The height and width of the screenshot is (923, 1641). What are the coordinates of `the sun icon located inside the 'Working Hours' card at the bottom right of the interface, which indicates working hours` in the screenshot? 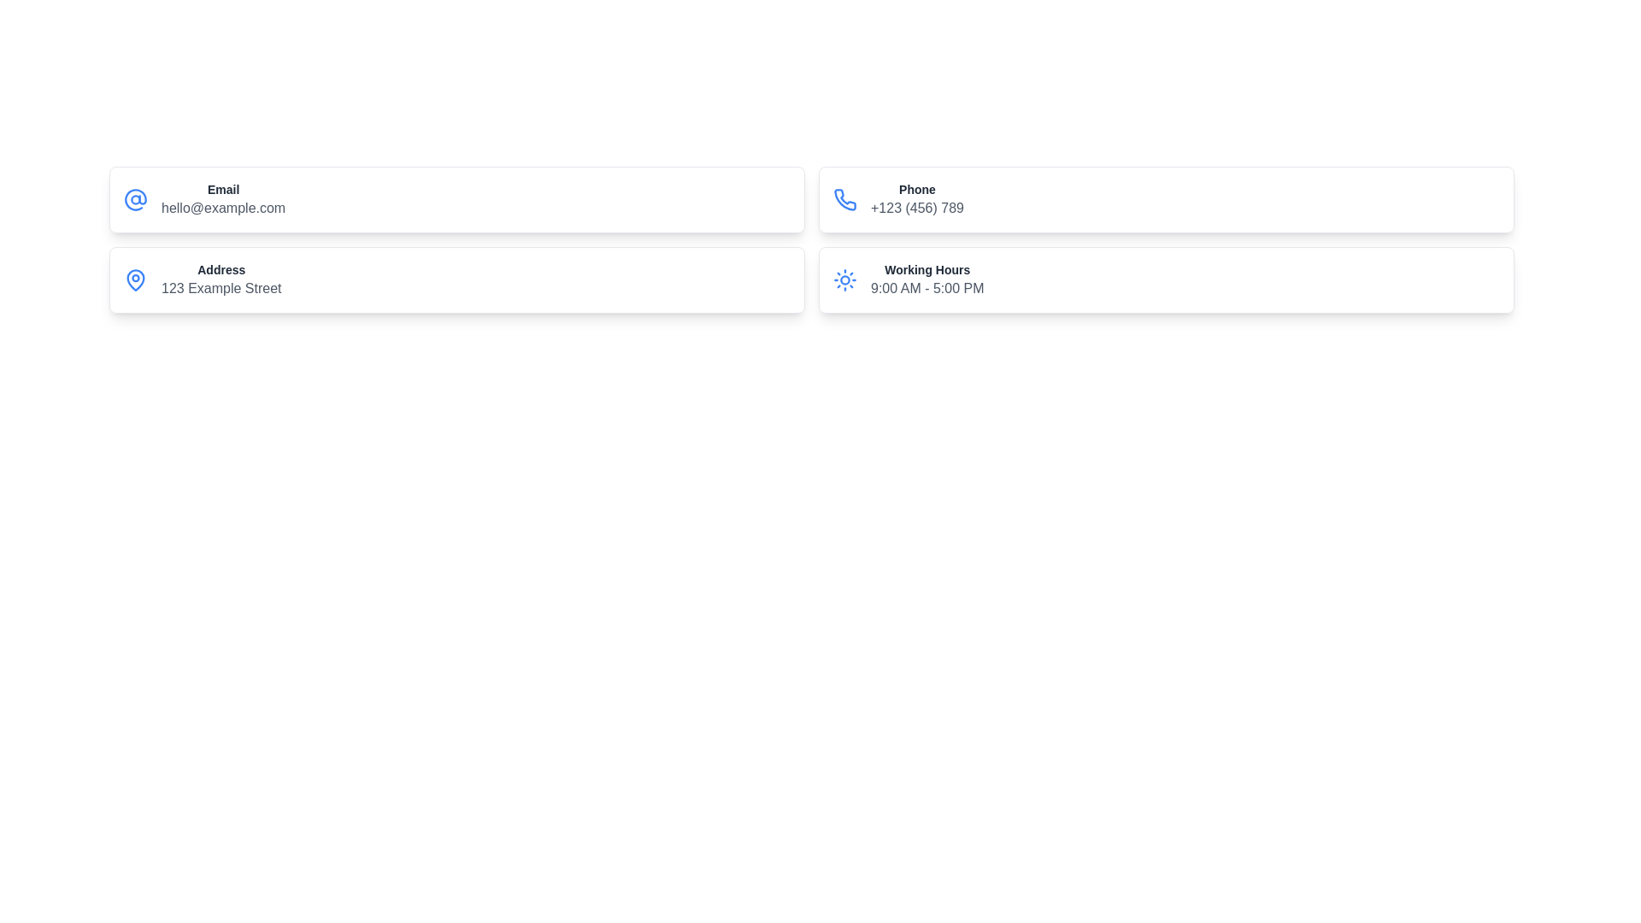 It's located at (844, 279).